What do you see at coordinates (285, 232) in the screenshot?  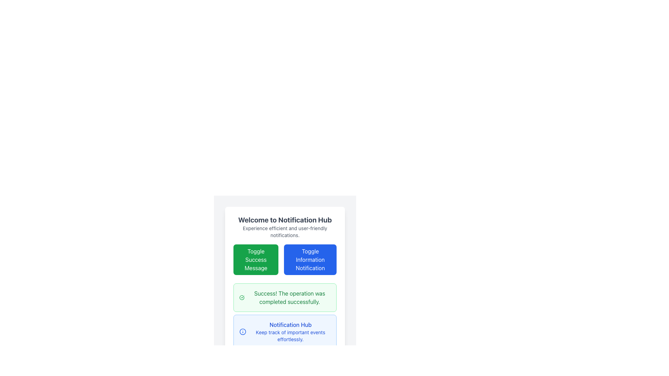 I see `the text segment displaying 'Experience efficient and user-friendly notifications.' which is styled in gray color and positioned below the heading 'Welcome to Notification Hub.'` at bounding box center [285, 232].